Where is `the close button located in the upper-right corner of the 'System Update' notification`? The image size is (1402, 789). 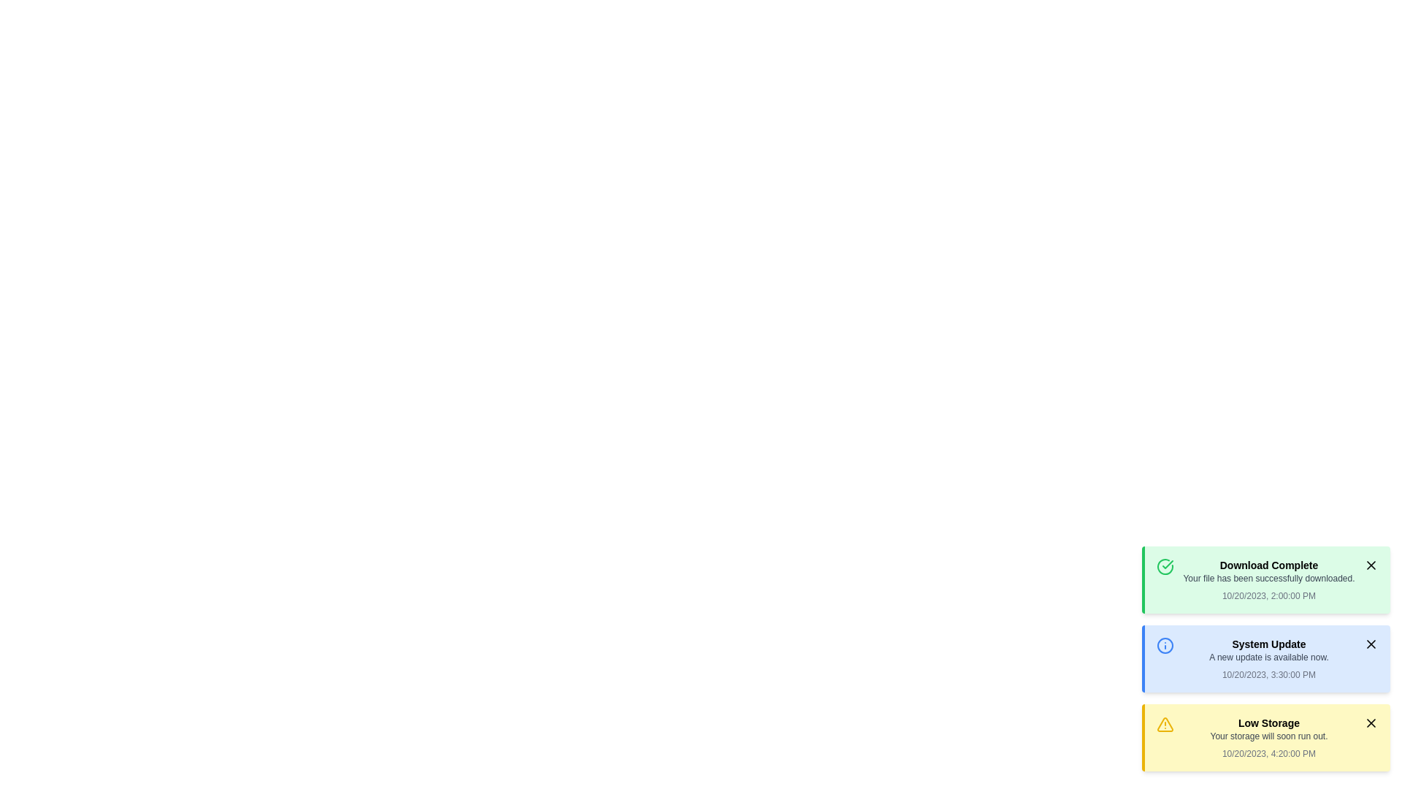
the close button located in the upper-right corner of the 'System Update' notification is located at coordinates (1370, 644).